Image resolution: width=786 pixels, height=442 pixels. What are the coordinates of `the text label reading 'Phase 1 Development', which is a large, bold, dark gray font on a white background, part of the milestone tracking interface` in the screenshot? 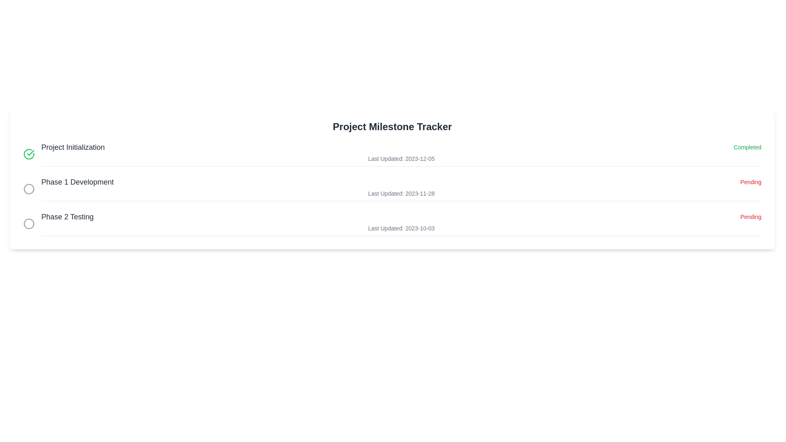 It's located at (77, 181).